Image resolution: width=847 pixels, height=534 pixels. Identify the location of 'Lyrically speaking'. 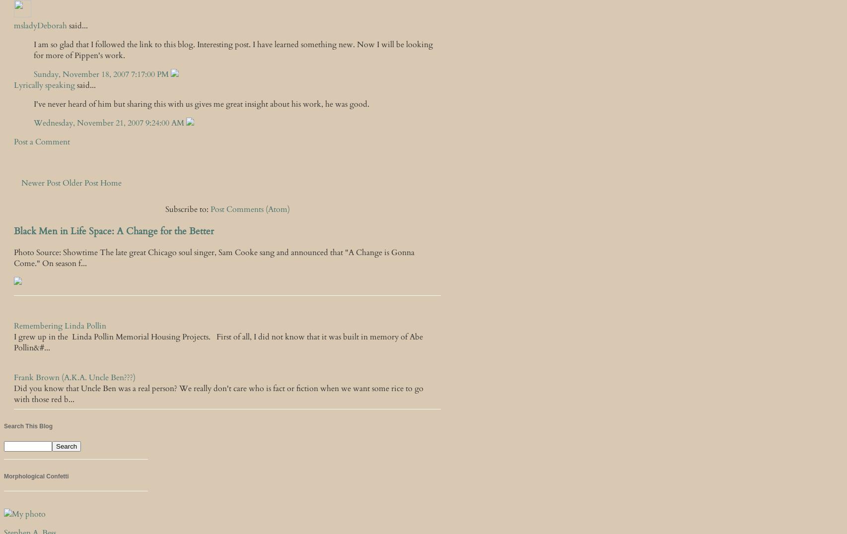
(44, 85).